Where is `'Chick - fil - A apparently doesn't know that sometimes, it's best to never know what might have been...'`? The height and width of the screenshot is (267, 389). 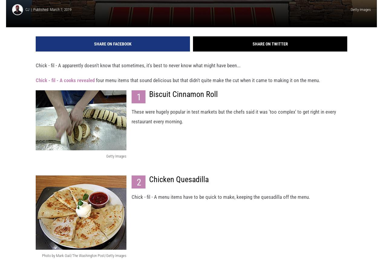 'Chick - fil - A apparently doesn't know that sometimes, it's best to never know what might have been...' is located at coordinates (138, 70).